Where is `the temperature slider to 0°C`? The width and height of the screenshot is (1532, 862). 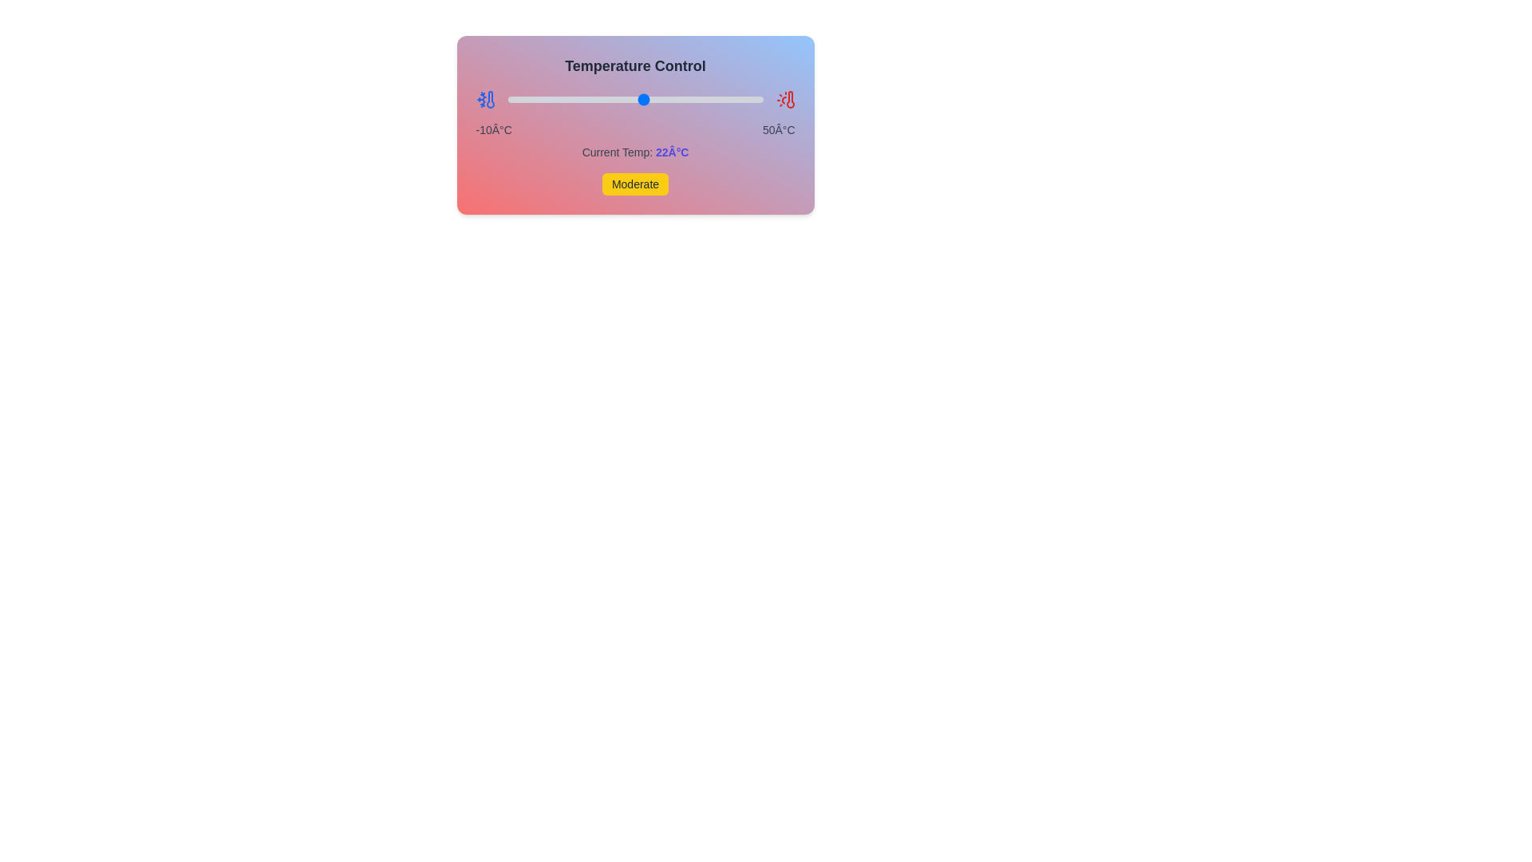 the temperature slider to 0°C is located at coordinates (550, 99).